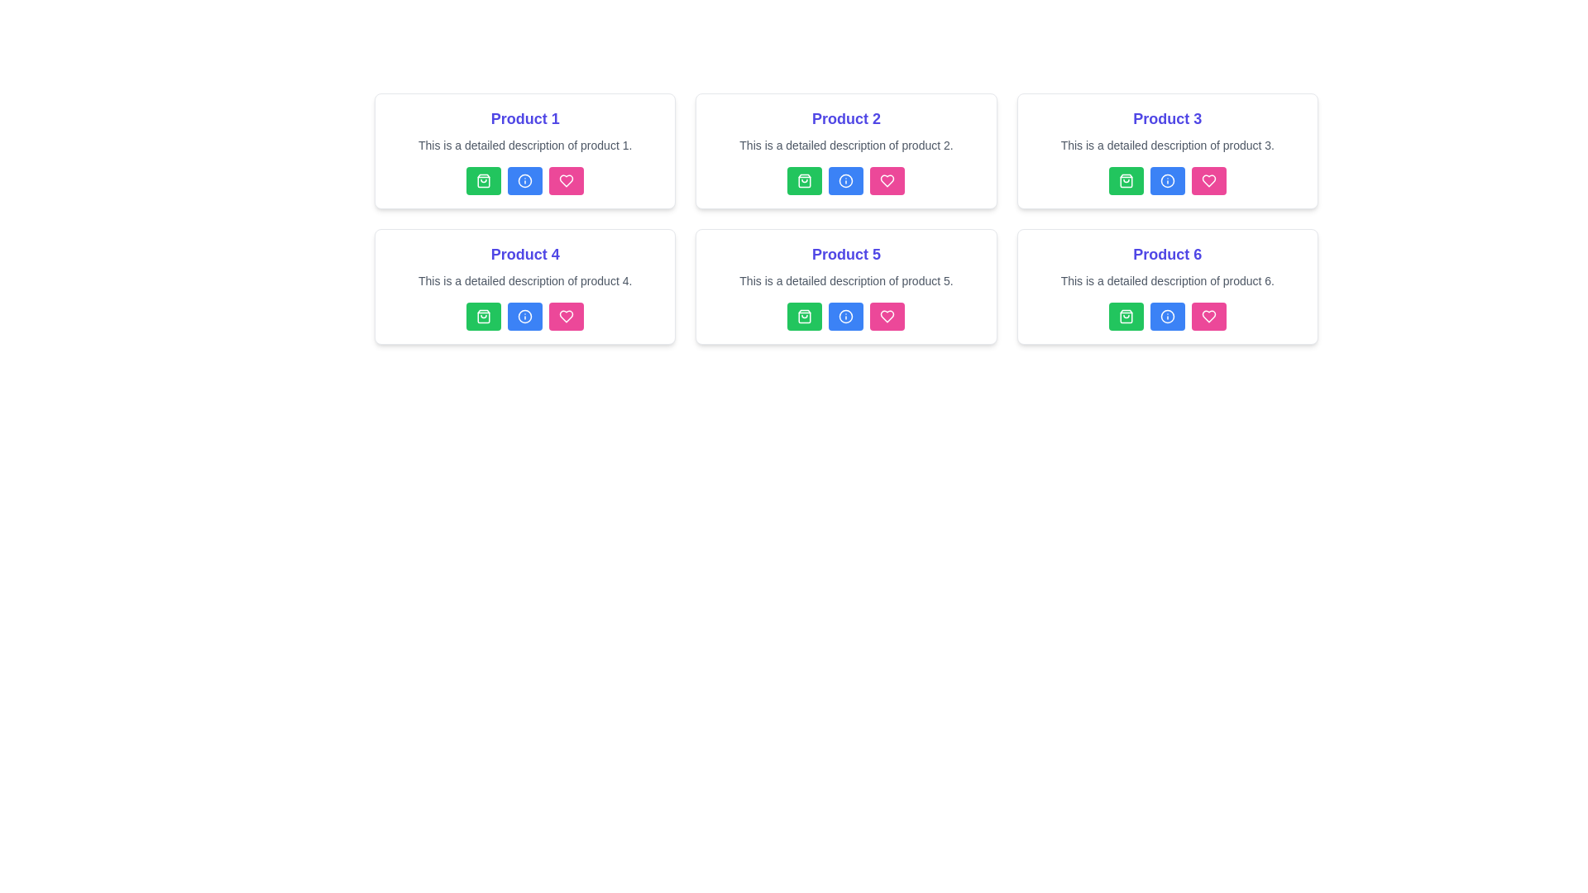 Image resolution: width=1588 pixels, height=893 pixels. Describe the element at coordinates (805, 181) in the screenshot. I see `the shopping cart icon button located below the product description for 'Product 2', which is the first button on the left of the button group` at that location.